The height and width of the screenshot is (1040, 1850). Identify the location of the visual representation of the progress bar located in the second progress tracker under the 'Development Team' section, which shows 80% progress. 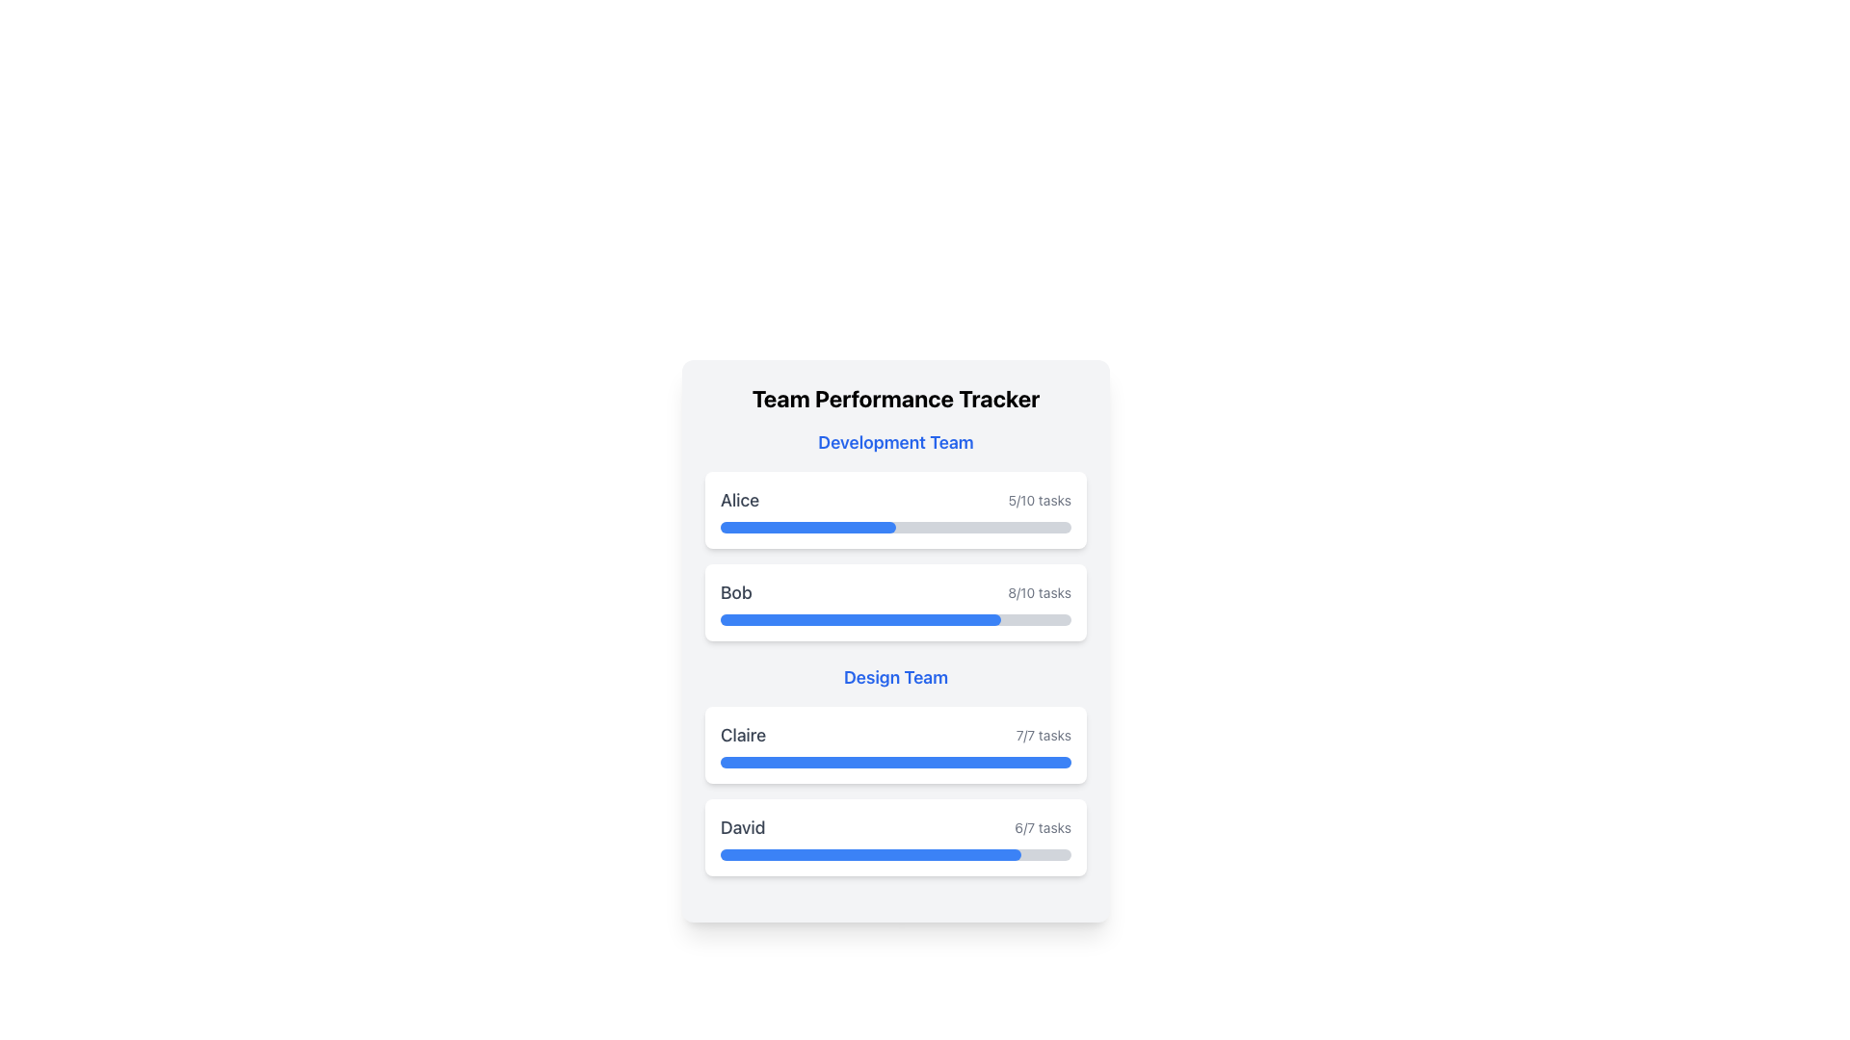
(859, 620).